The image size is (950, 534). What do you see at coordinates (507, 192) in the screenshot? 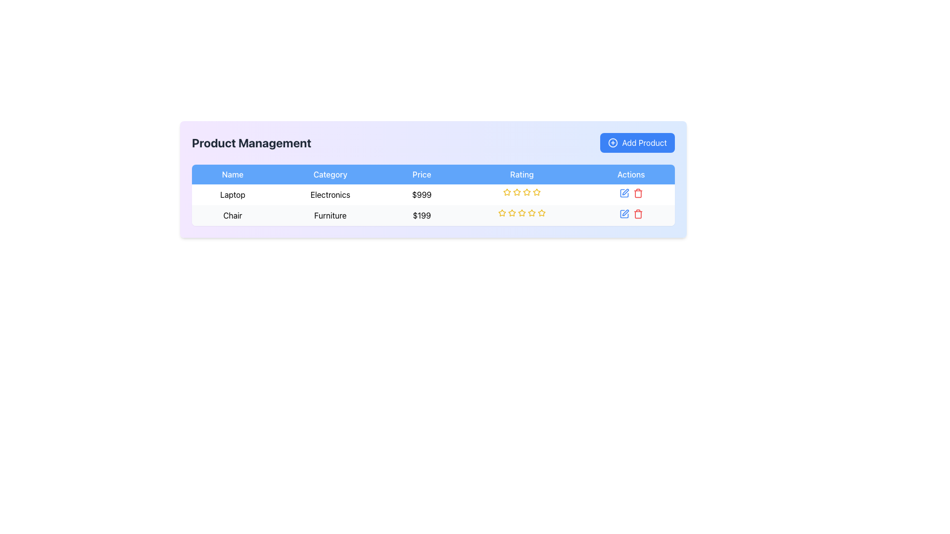
I see `the first star icon in the rating column for the 'Laptop' row to indicate a rating` at bounding box center [507, 192].